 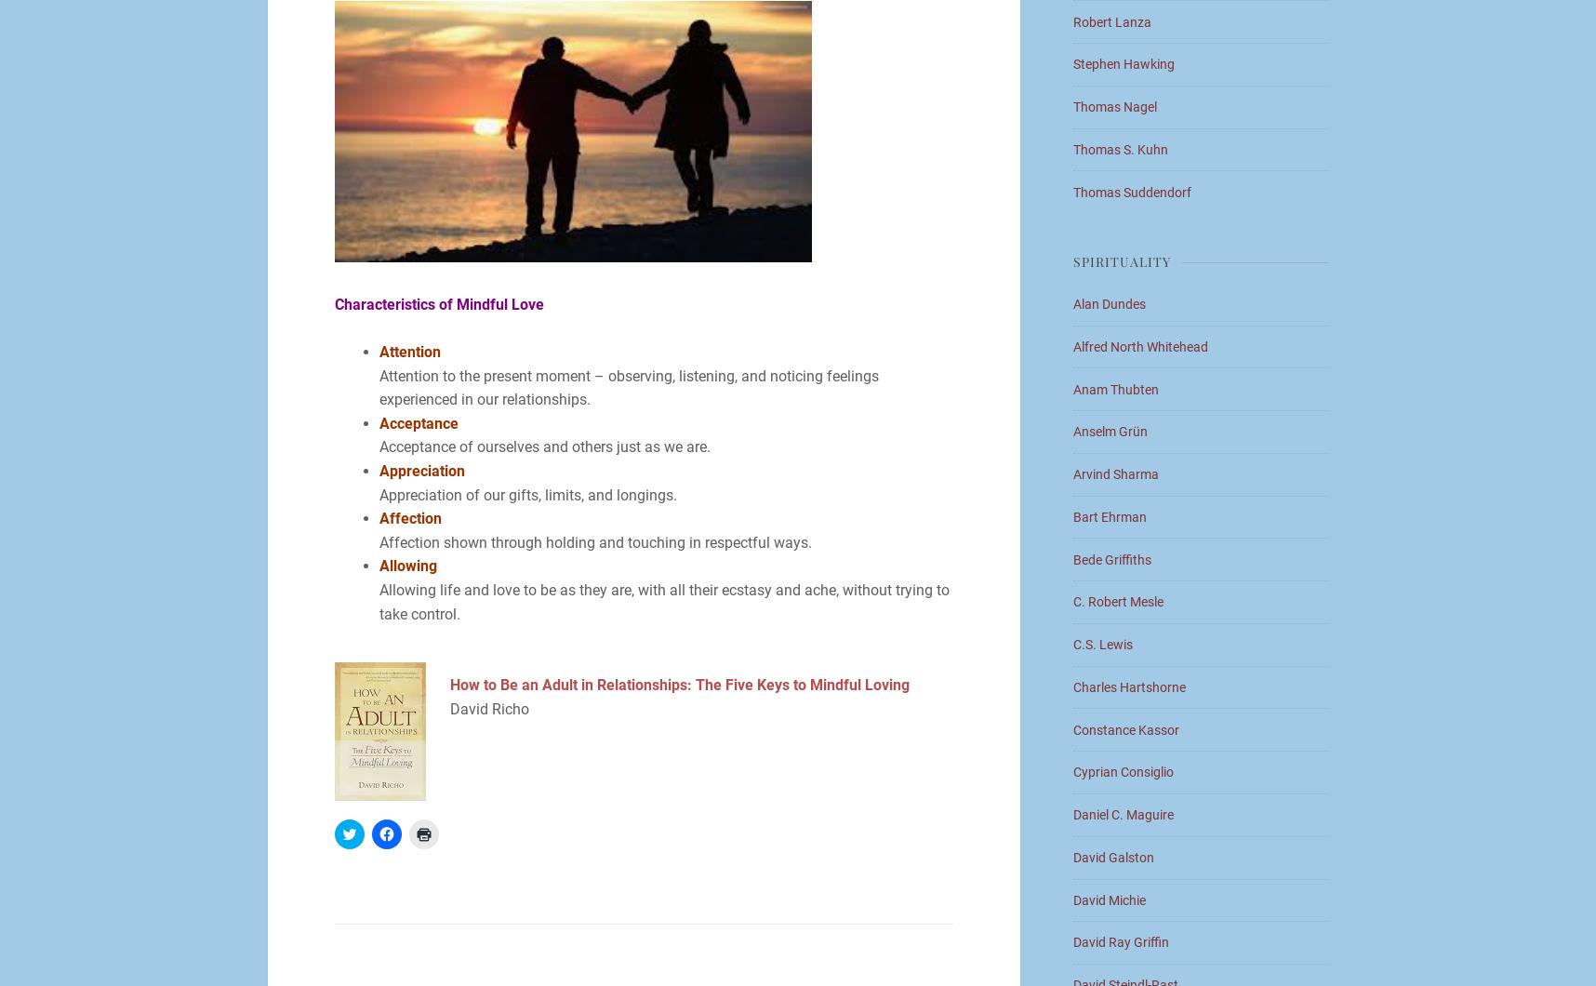 What do you see at coordinates (1109, 302) in the screenshot?
I see `'Alan Dundes'` at bounding box center [1109, 302].